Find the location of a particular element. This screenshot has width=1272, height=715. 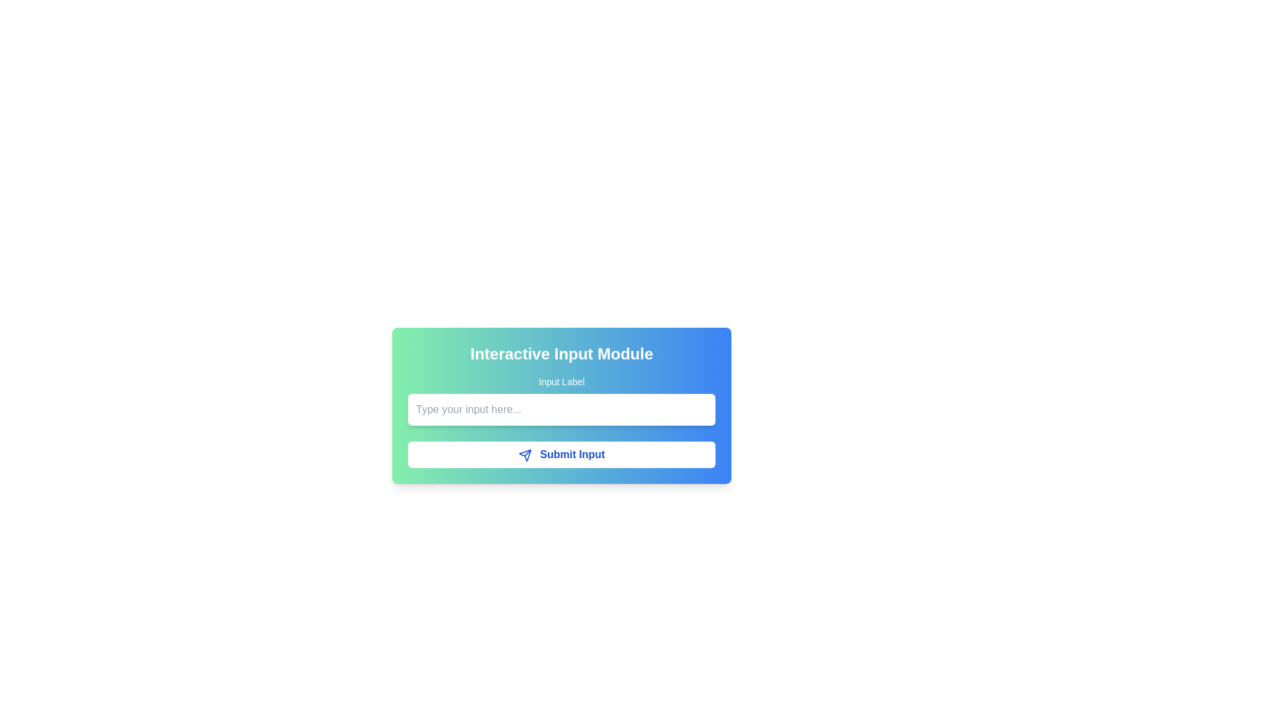

the submit button located at the bottom of the centered panel with a gradient background, below the input field labeled 'Input Label' is located at coordinates (562, 453).